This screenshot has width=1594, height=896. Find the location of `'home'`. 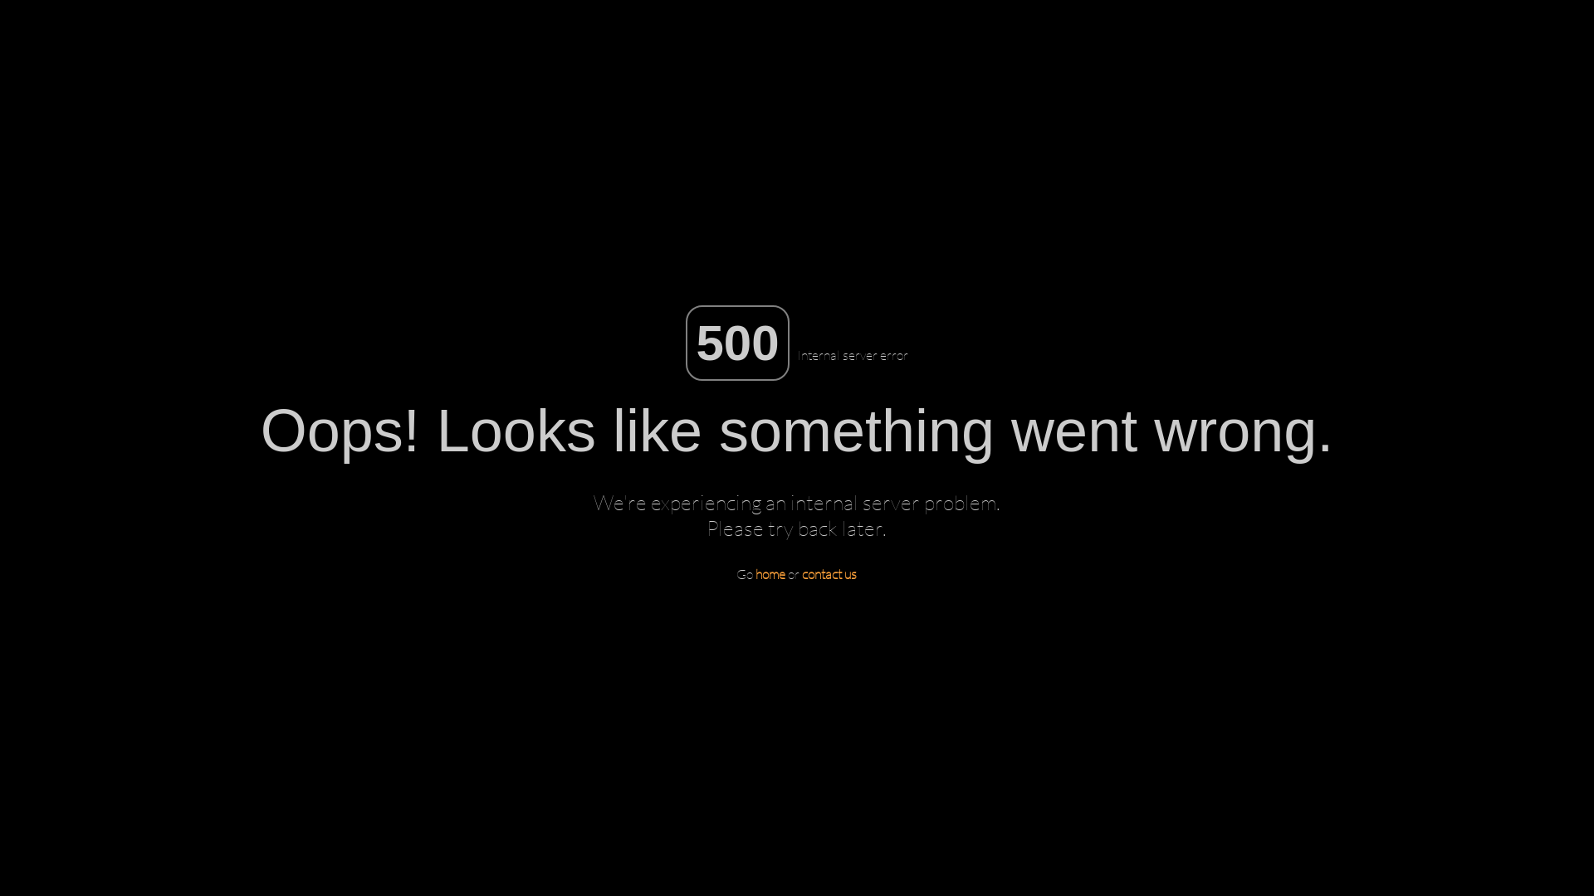

'home' is located at coordinates (769, 572).